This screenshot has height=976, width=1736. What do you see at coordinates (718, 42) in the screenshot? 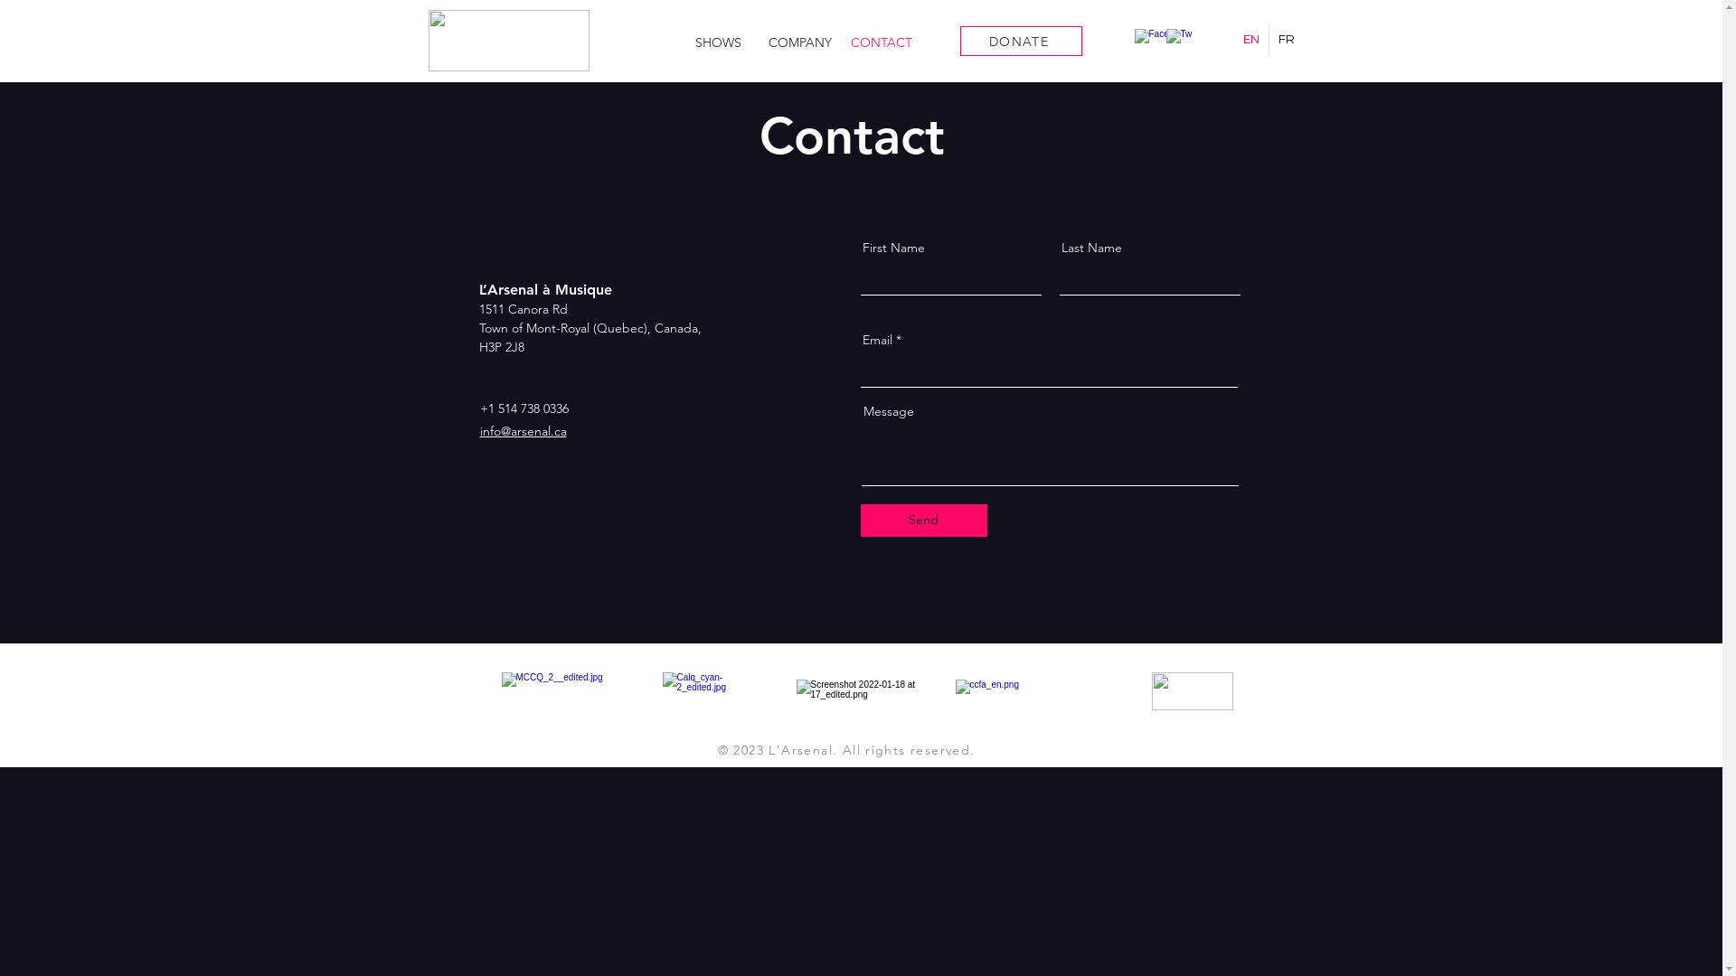
I see `'SHOWS'` at bounding box center [718, 42].